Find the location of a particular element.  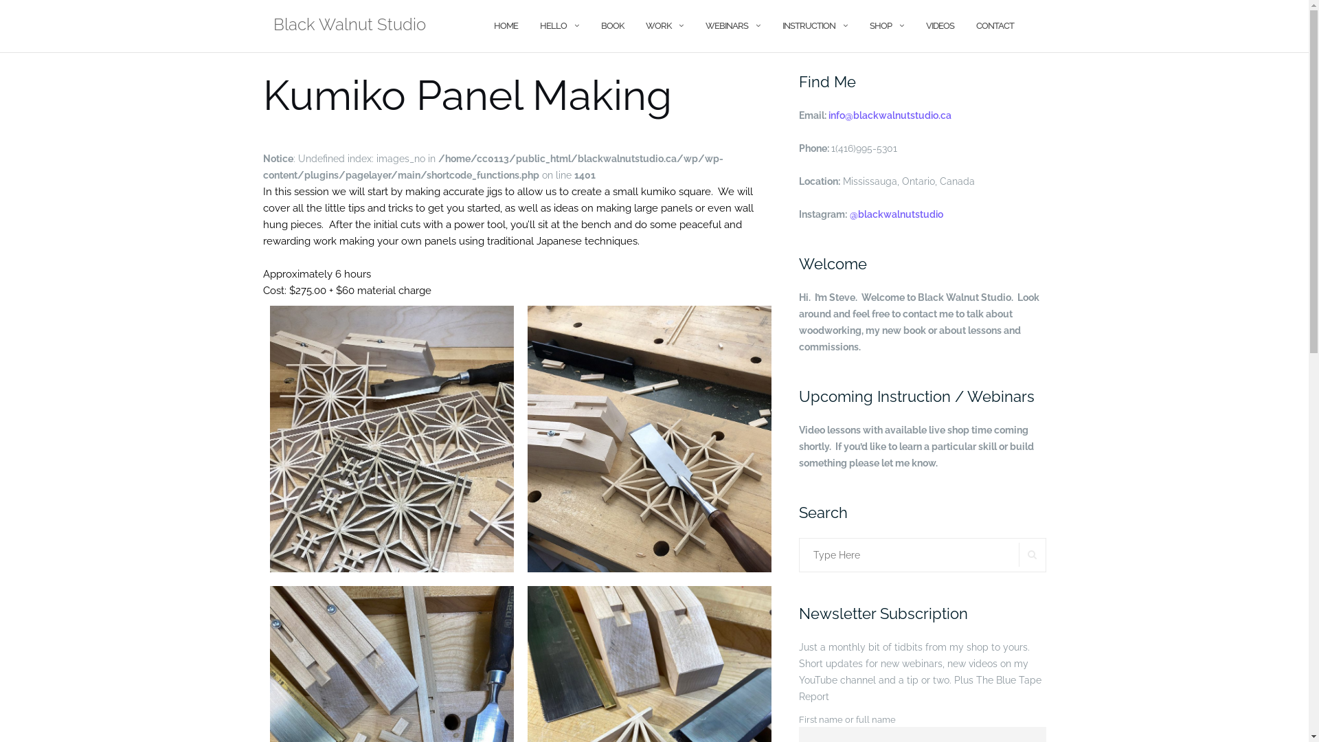

'info@blackwalnutstudio.ca' is located at coordinates (890, 115).